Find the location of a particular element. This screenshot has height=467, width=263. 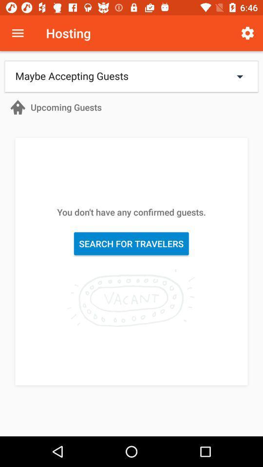

open menu is located at coordinates (18, 33).